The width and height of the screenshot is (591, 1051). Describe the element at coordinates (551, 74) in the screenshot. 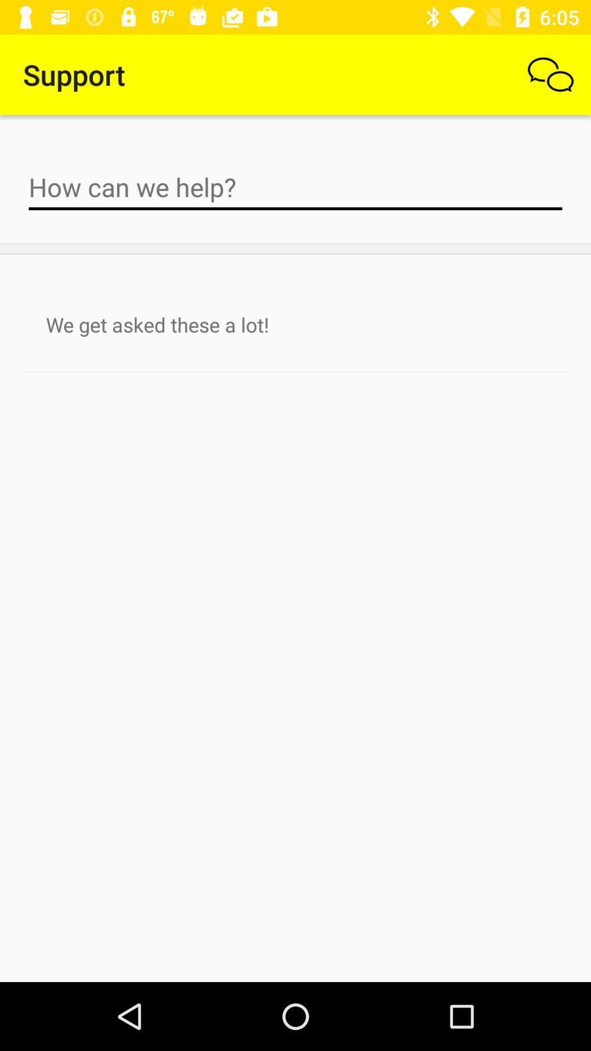

I see `item at the top right corner` at that location.